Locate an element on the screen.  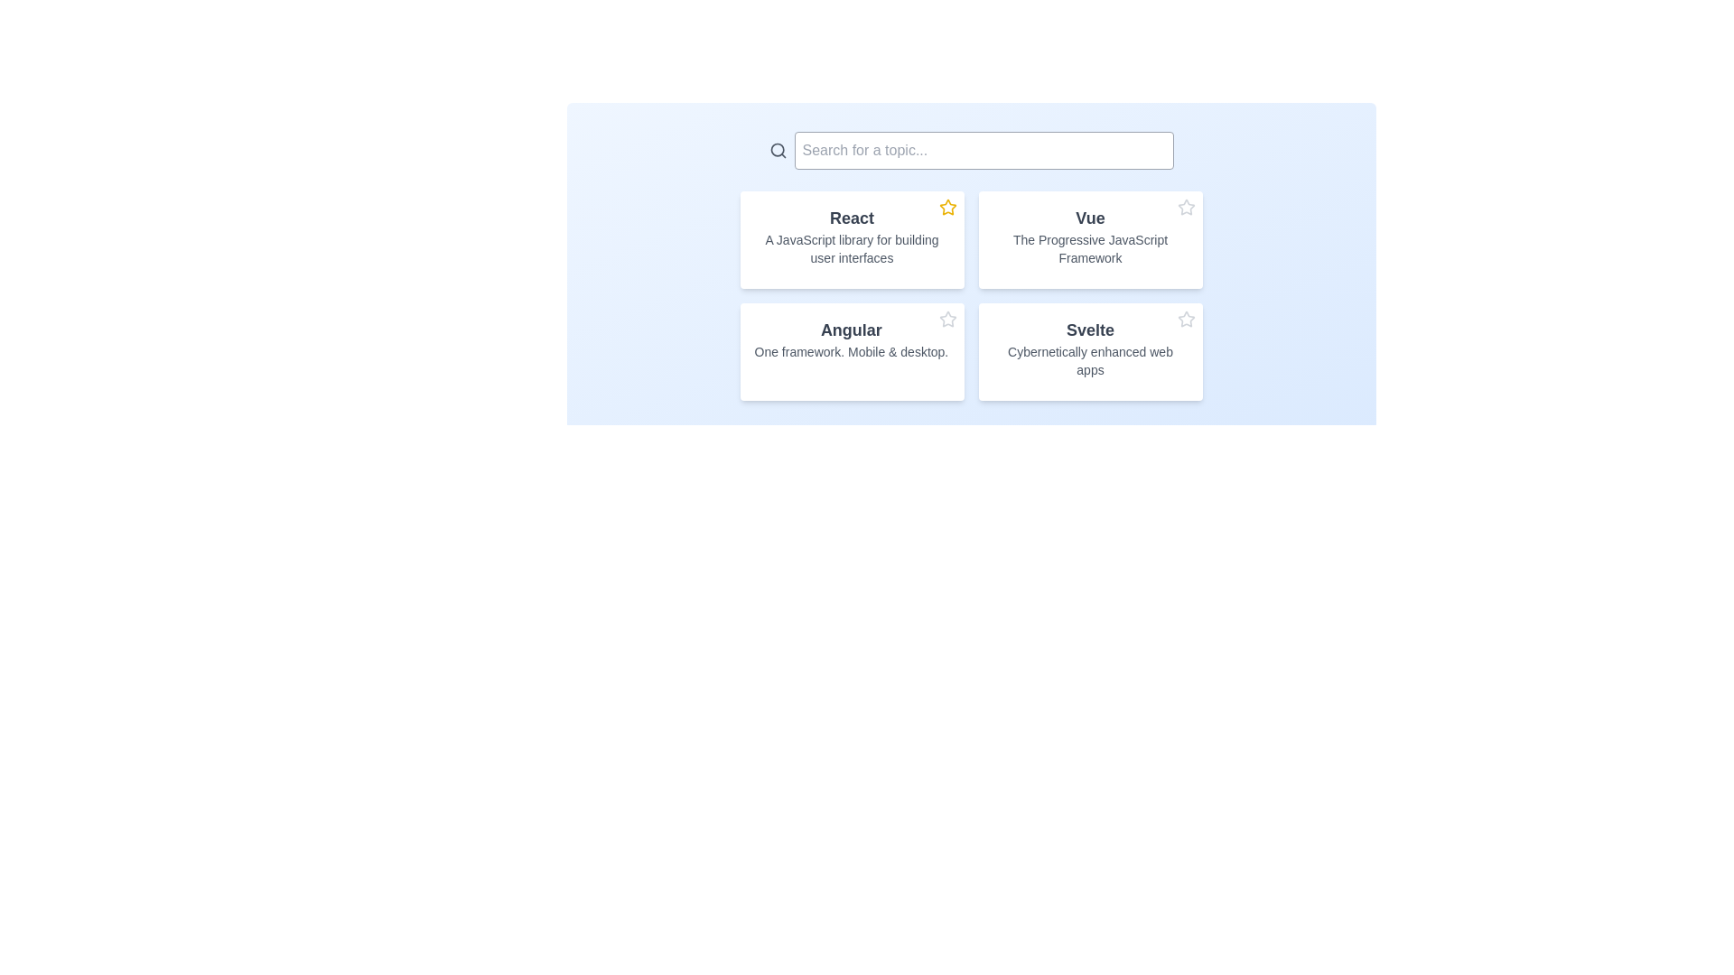
title text label indicating the subject of the card, which is 'React', located in the top-left card of a grid layout is located at coordinates (851, 218).